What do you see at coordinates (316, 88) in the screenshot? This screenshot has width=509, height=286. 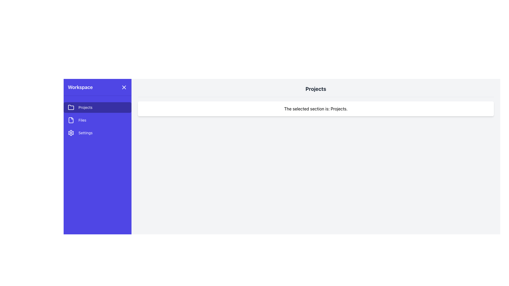 I see `the header titled 'Projects', which indicates the primary focus of the current section and is located at the upper region of the main content area` at bounding box center [316, 88].